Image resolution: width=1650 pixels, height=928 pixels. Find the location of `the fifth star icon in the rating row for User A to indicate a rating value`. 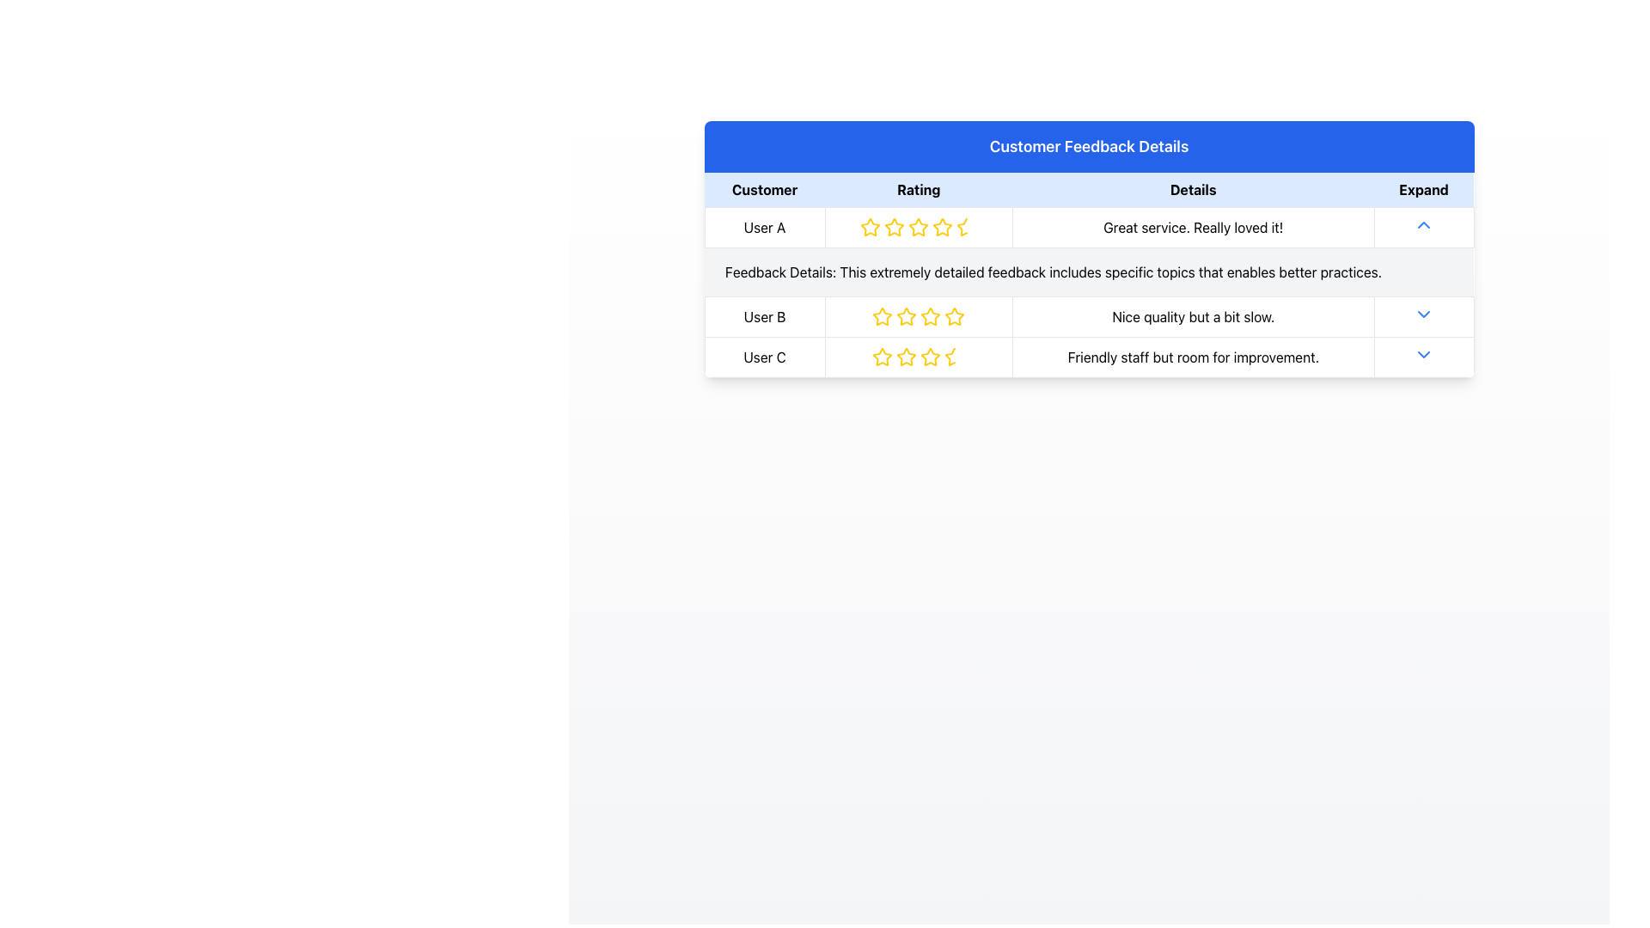

the fifth star icon in the rating row for User A to indicate a rating value is located at coordinates (942, 227).